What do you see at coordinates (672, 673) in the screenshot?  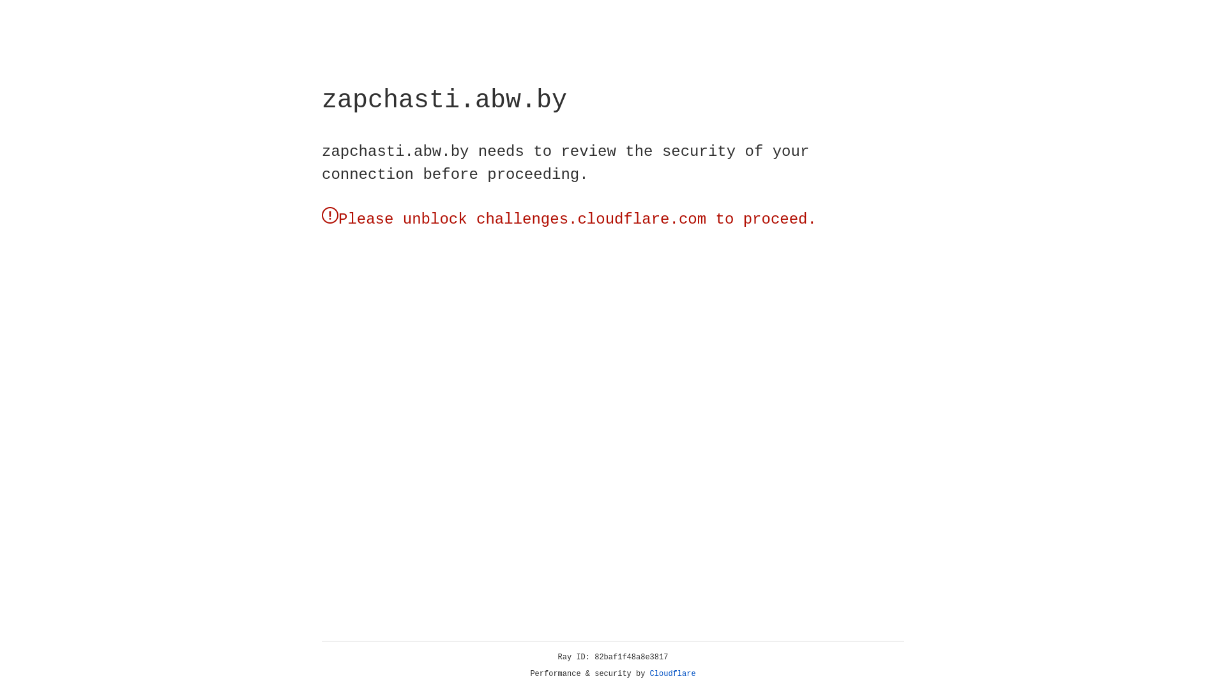 I see `'Cloudflare'` at bounding box center [672, 673].